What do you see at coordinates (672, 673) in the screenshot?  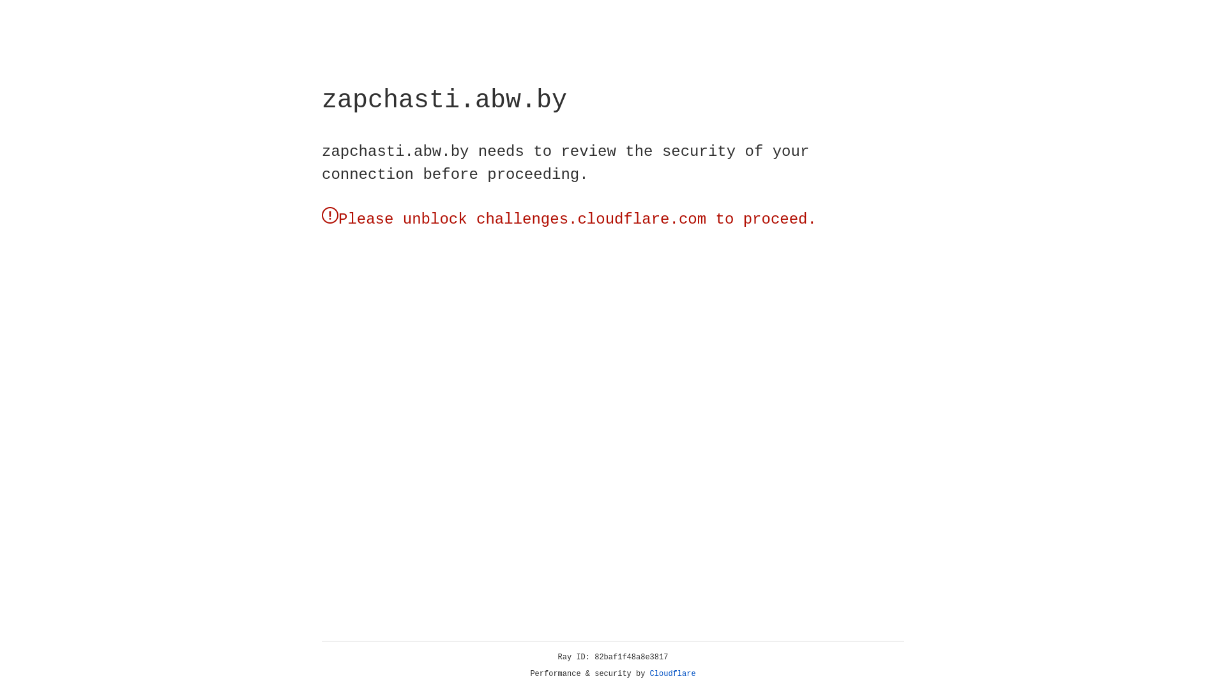 I see `'Cloudflare'` at bounding box center [672, 673].